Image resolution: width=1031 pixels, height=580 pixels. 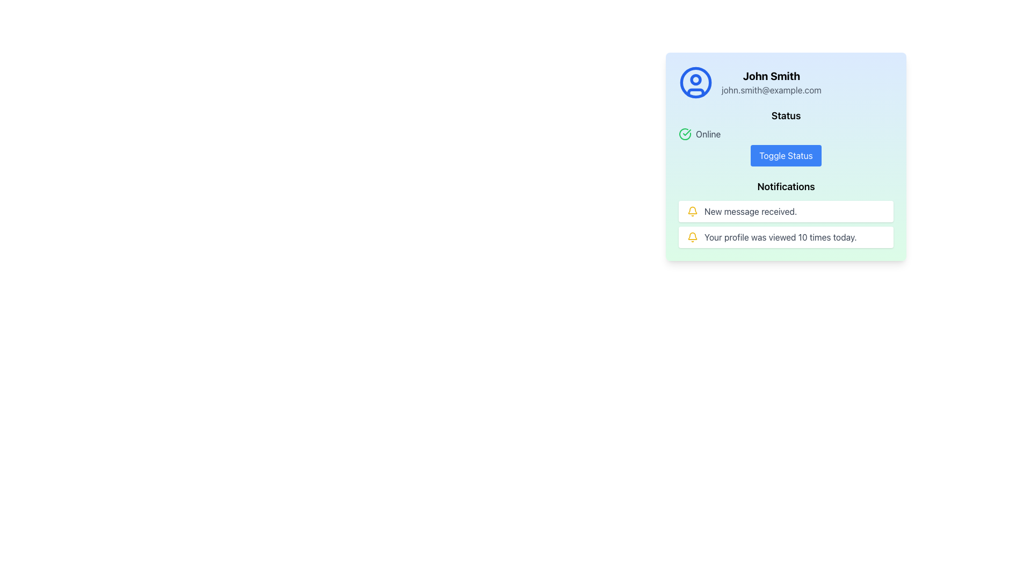 What do you see at coordinates (771, 90) in the screenshot?
I see `the email address displayed in gray text located below the 'John Smith' text, aligned horizontally in the upper-right card-like component` at bounding box center [771, 90].